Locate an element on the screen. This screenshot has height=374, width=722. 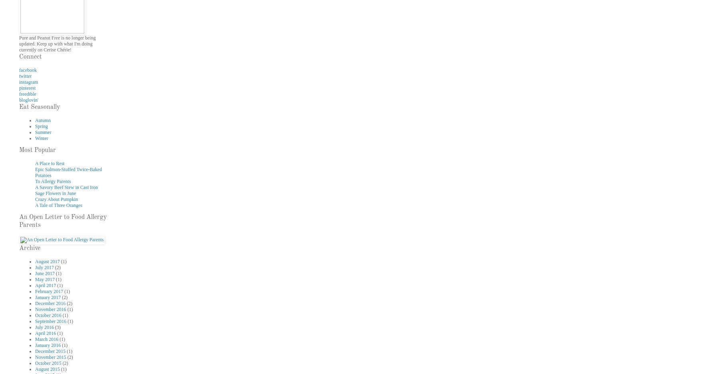
'Sage Flowers in June' is located at coordinates (55, 193).